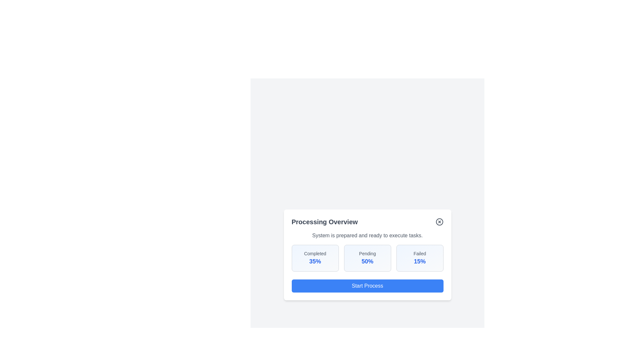 Image resolution: width=628 pixels, height=353 pixels. Describe the element at coordinates (367, 258) in the screenshot. I see `the statistic box labeled 'Pending' to analyze its content` at that location.